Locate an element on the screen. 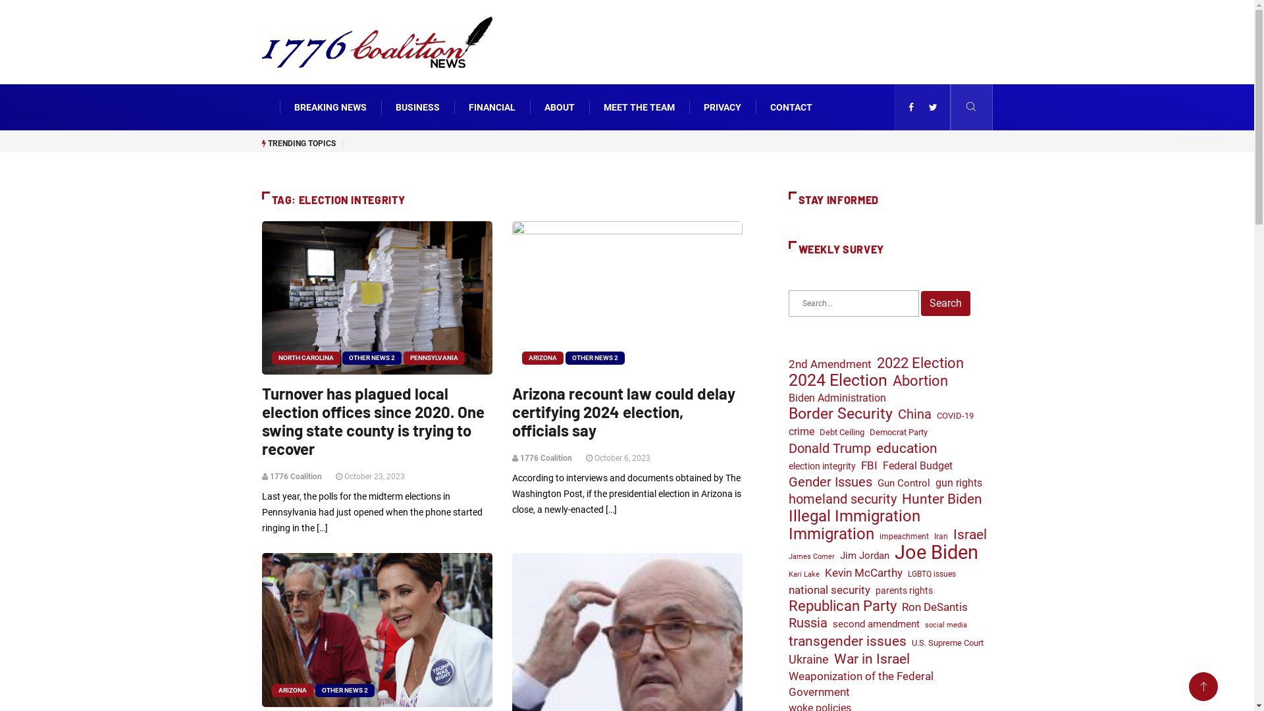 This screenshot has height=711, width=1264. 'Border Security' is located at coordinates (789, 413).